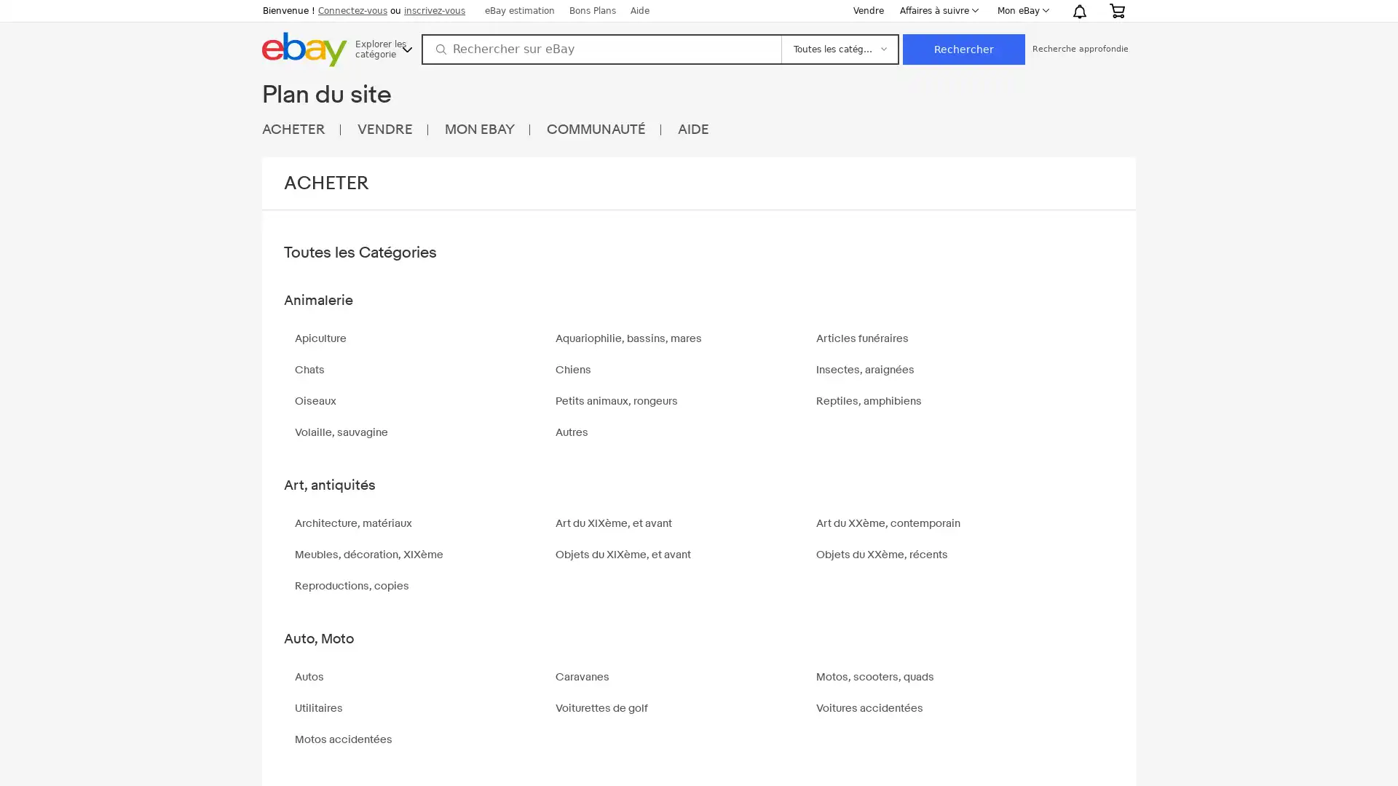 This screenshot has height=786, width=1398. What do you see at coordinates (1079, 11) in the screenshot?
I see `Notification` at bounding box center [1079, 11].